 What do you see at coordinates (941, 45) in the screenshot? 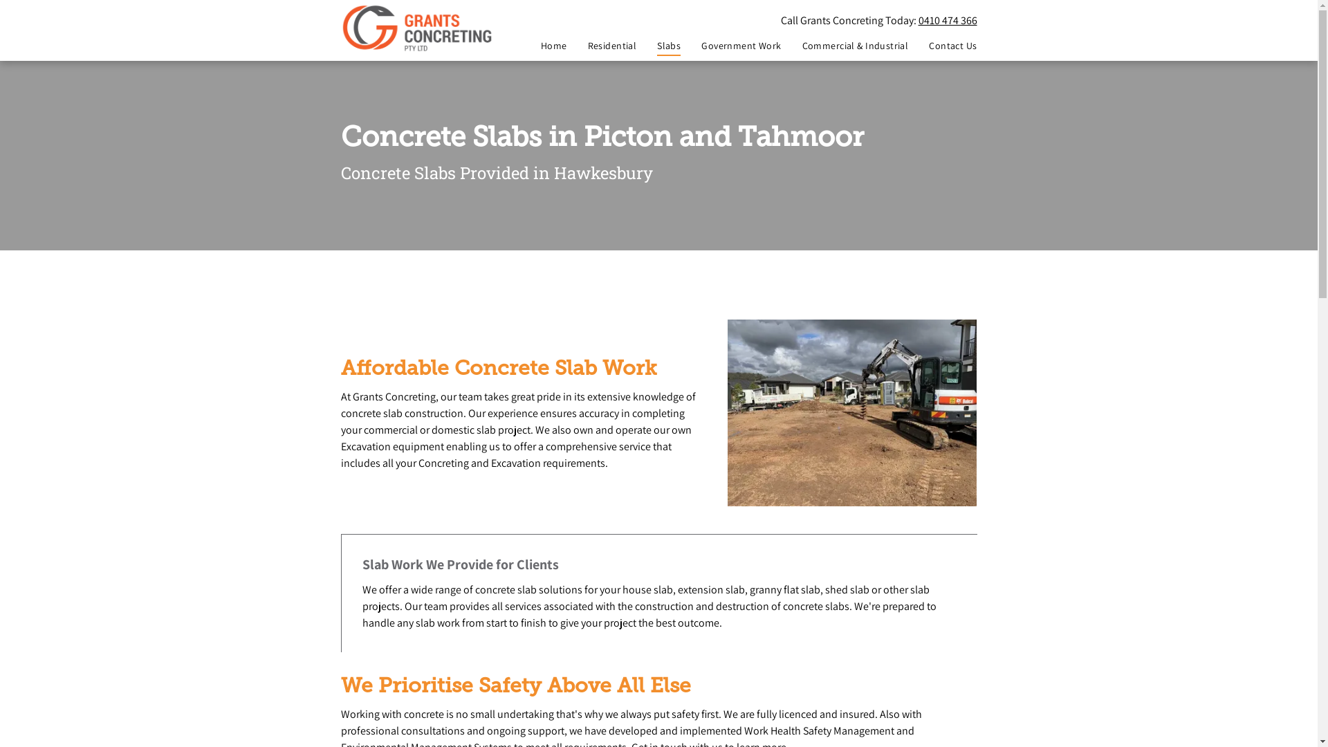
I see `'Contact Us'` at bounding box center [941, 45].